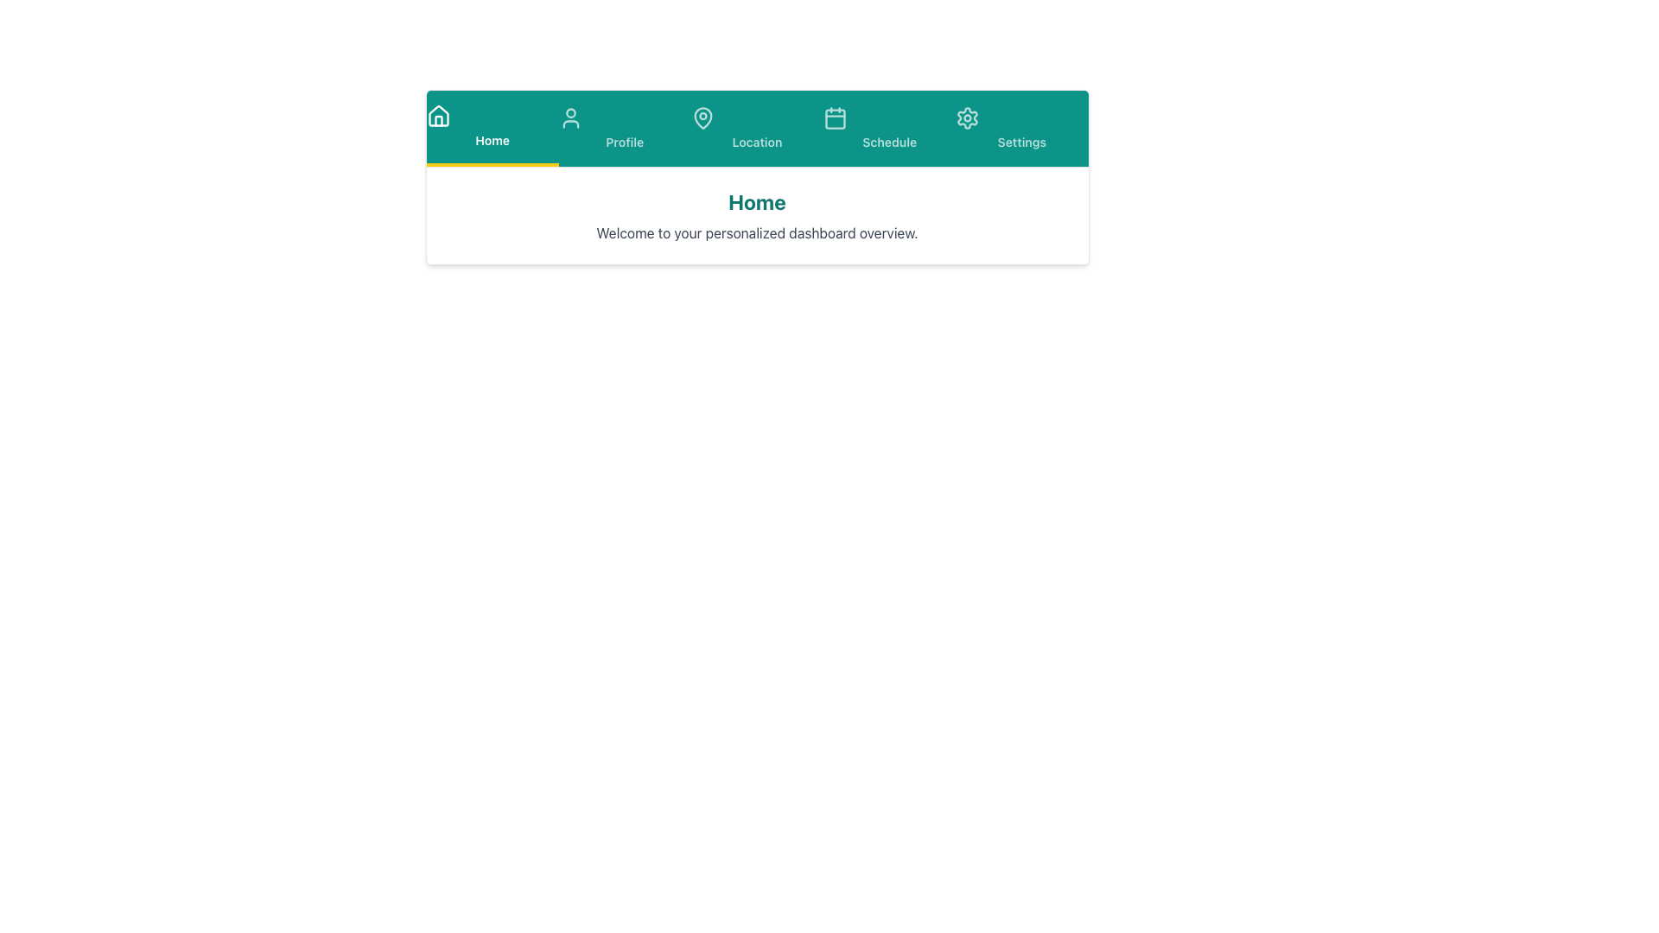 This screenshot has width=1659, height=933. Describe the element at coordinates (836, 118) in the screenshot. I see `the Calendar icon in the Schedule section of the top navigation bar` at that location.